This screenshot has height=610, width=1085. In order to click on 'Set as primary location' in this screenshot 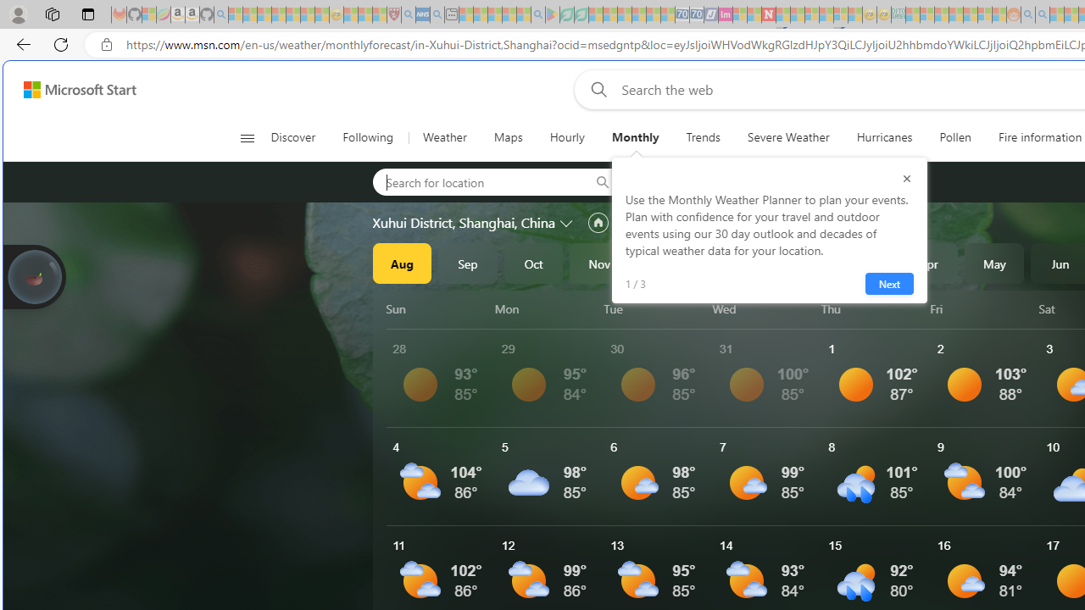, I will do `click(598, 222)`.